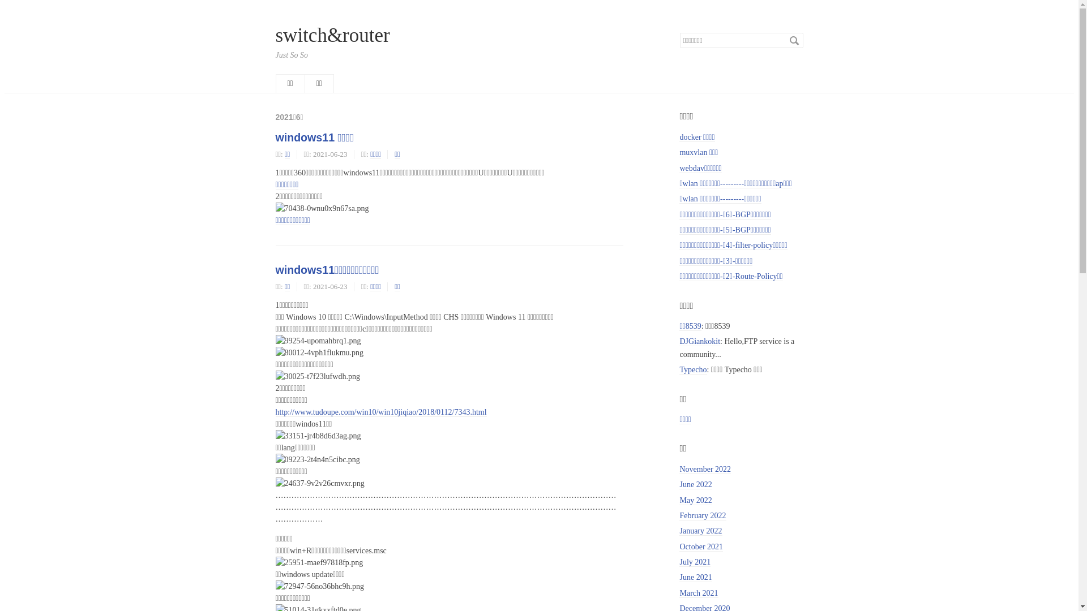 This screenshot has width=1087, height=611. What do you see at coordinates (704, 469) in the screenshot?
I see `'November 2022'` at bounding box center [704, 469].